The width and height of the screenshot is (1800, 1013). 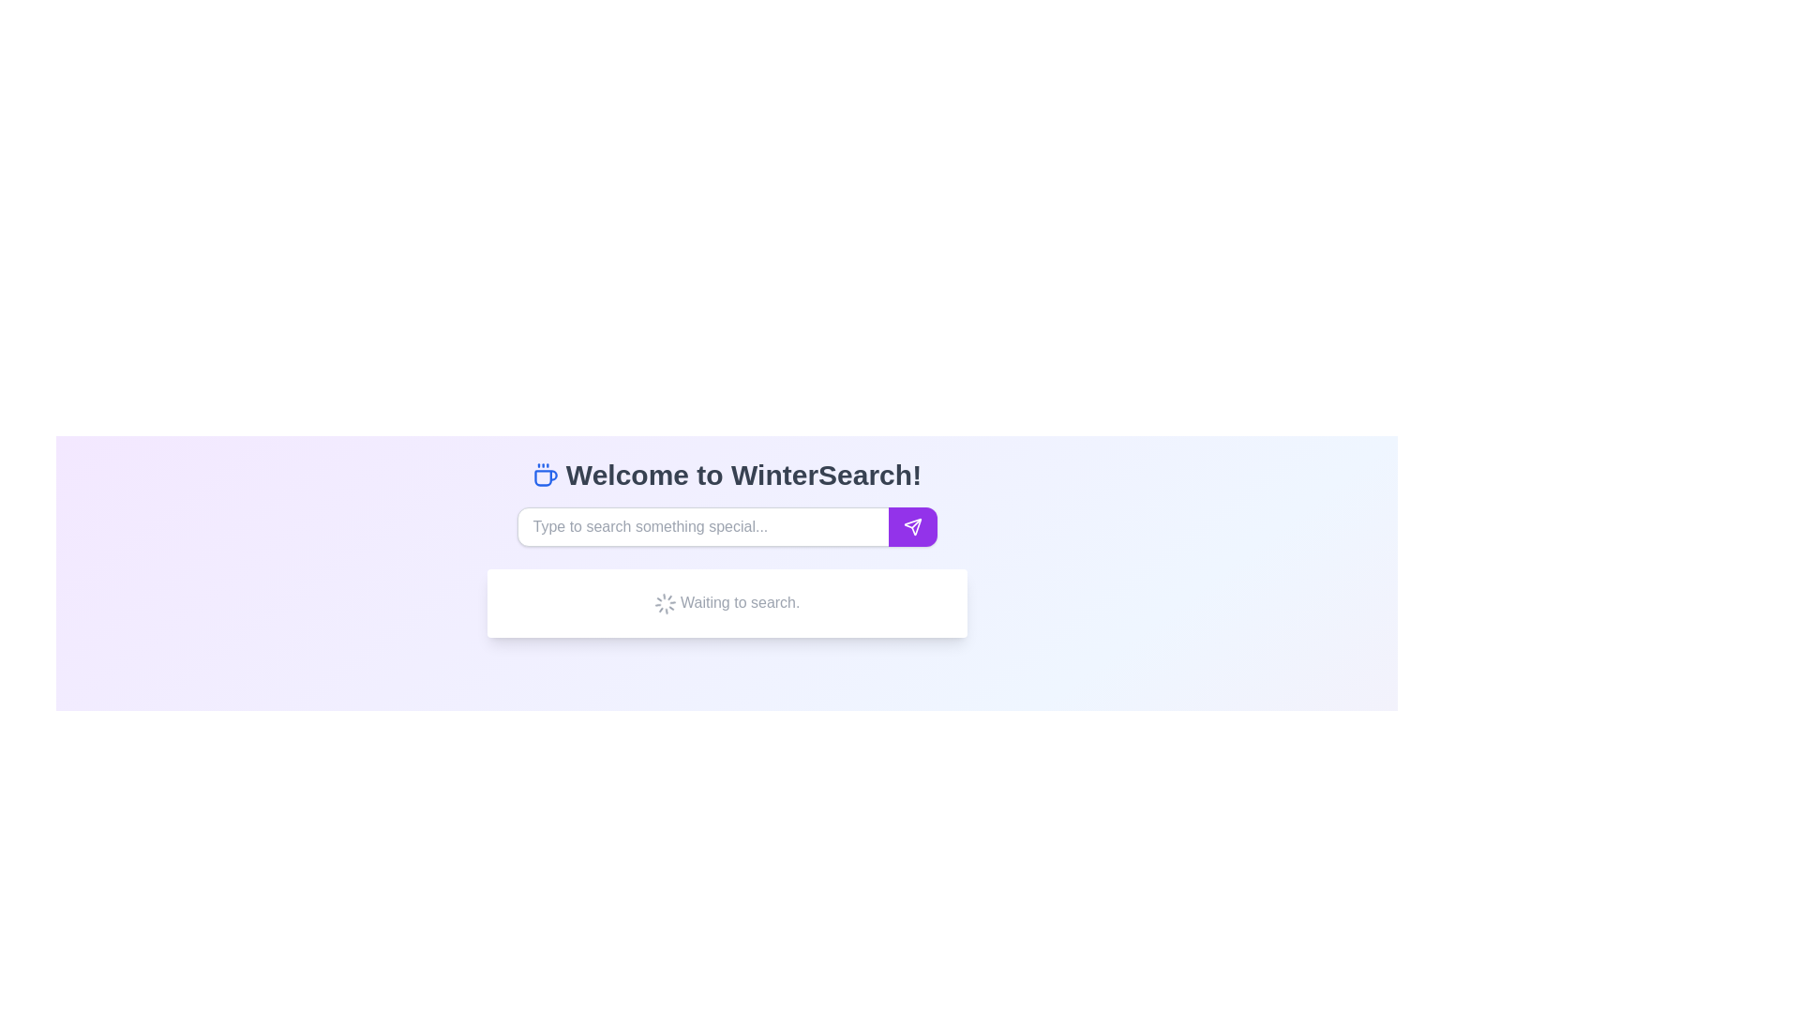 What do you see at coordinates (665, 603) in the screenshot?
I see `the Loader icon, which is a circular animated icon with a gray outline located before the text 'Waiting to search.'` at bounding box center [665, 603].